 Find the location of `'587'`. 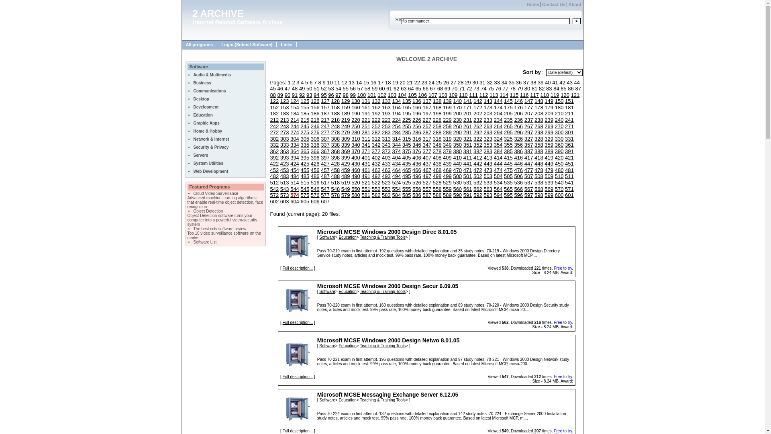

'587' is located at coordinates (426, 195).